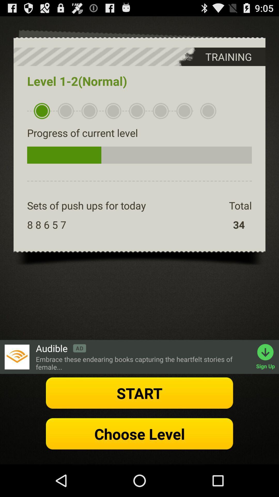  What do you see at coordinates (184, 111) in the screenshot?
I see `the seventh bullet below level 12 normal` at bounding box center [184, 111].